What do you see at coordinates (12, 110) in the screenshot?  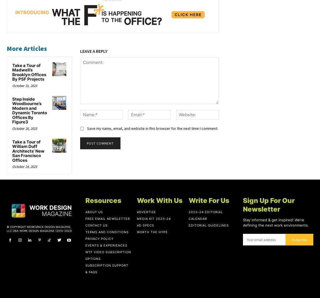 I see `'Step Inside Woodbourne’s Modern and Dynamic Toronto Offices By Figure3'` at bounding box center [12, 110].